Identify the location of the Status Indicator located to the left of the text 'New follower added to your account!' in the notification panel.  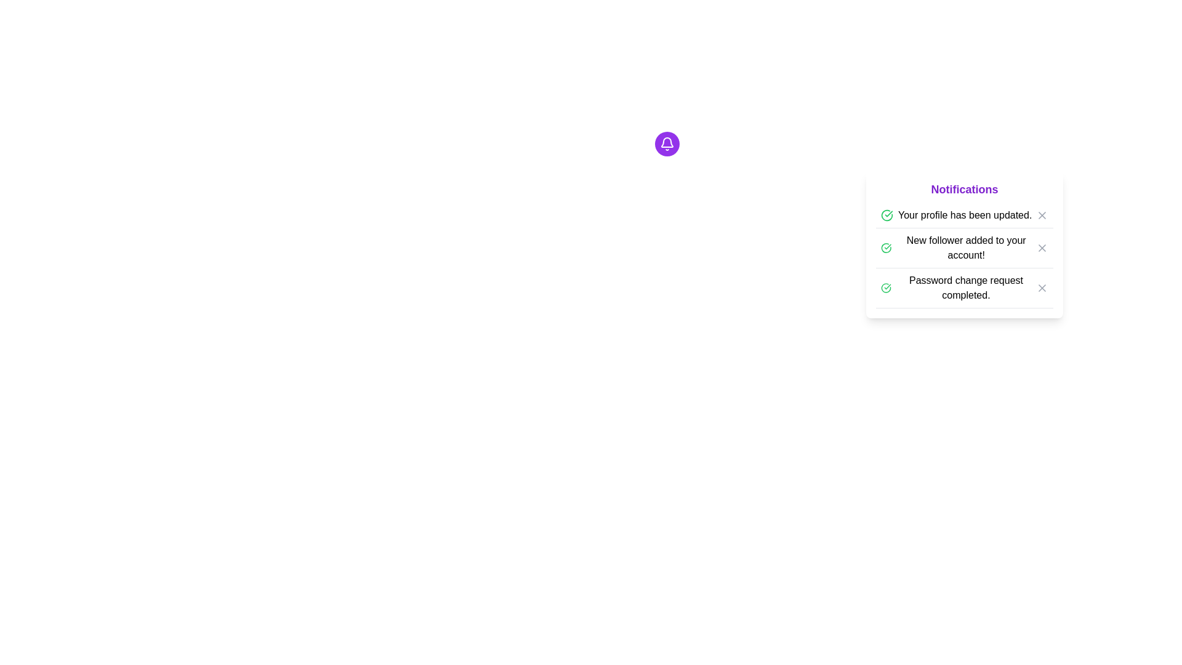
(885, 248).